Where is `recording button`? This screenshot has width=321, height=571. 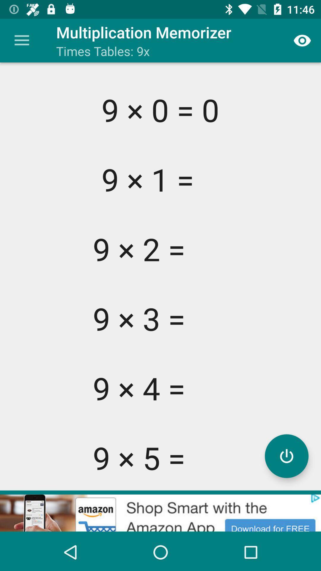 recording button is located at coordinates (286, 456).